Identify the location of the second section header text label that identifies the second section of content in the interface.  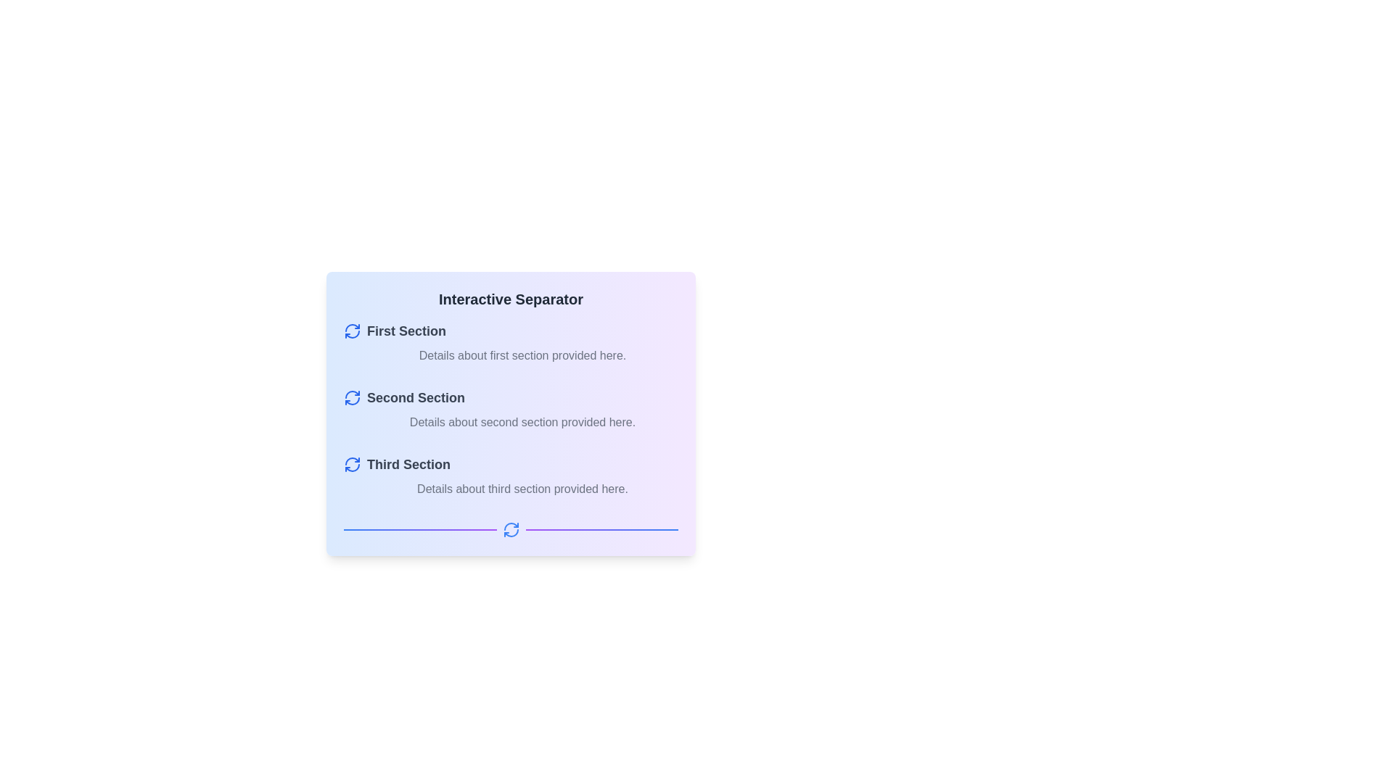
(415, 397).